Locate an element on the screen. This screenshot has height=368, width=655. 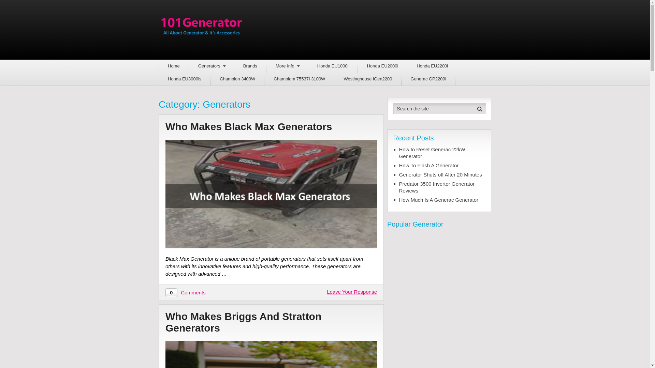
'How To Flash A Generator' is located at coordinates (442, 166).